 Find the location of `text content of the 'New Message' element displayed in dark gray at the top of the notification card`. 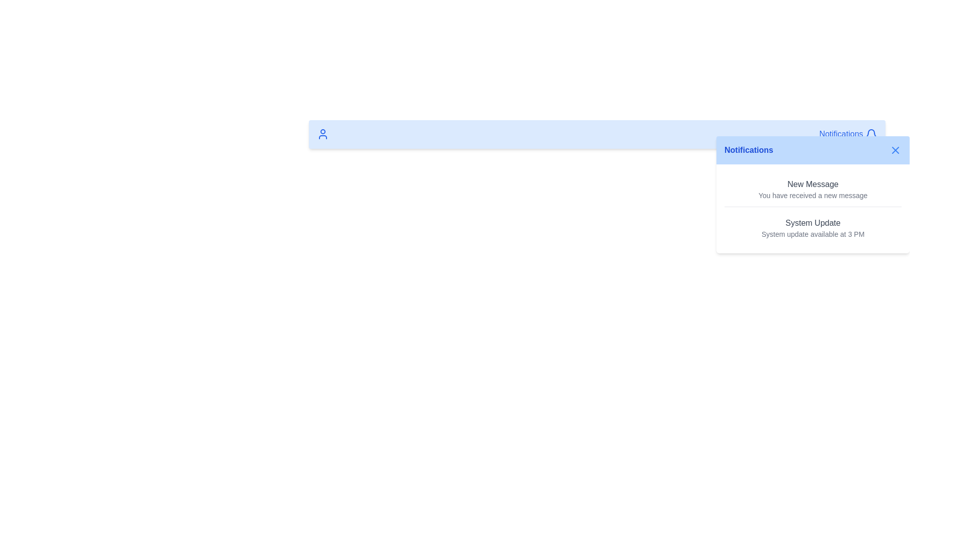

text content of the 'New Message' element displayed in dark gray at the top of the notification card is located at coordinates (813, 184).